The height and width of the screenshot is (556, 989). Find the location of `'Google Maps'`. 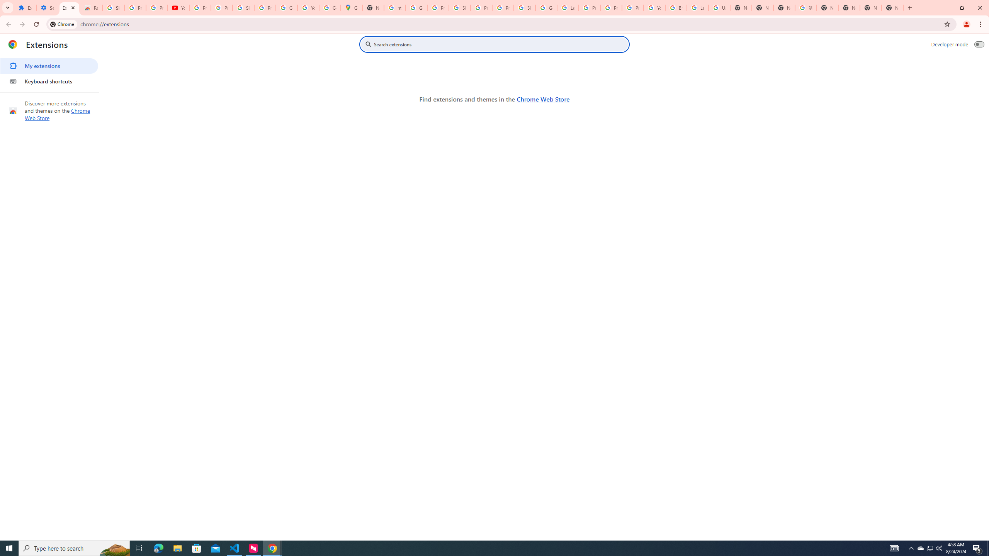

'Google Maps' is located at coordinates (351, 7).